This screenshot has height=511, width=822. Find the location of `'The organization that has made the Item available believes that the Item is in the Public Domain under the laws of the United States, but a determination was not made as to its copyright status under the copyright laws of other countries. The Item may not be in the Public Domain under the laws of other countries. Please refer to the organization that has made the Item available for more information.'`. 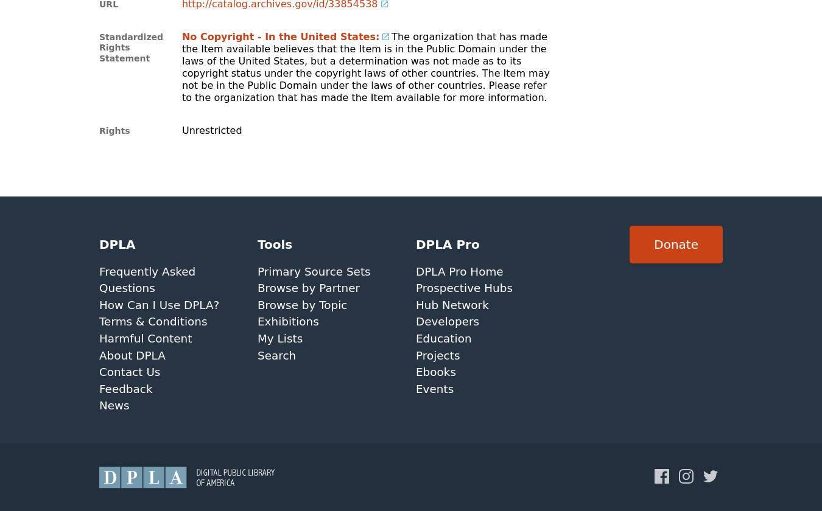

'The organization that has made the Item available believes that the Item is in the Public Domain under the laws of the United States, but a determination was not made as to its copyright status under the copyright laws of other countries. The Item may not be in the Public Domain under the laws of other countries. Please refer to the organization that has made the Item available for more information.' is located at coordinates (365, 66).